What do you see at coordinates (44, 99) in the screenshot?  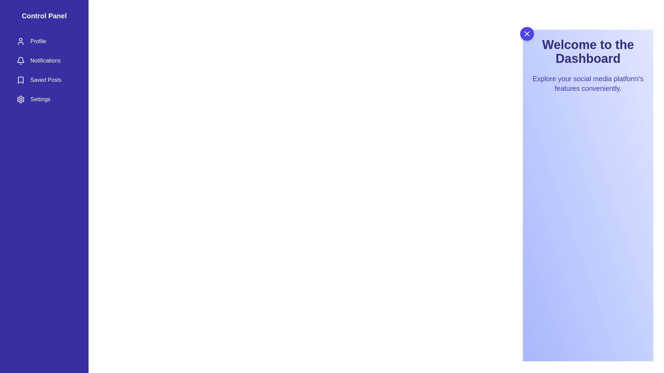 I see `the Settings section in the drawer` at bounding box center [44, 99].